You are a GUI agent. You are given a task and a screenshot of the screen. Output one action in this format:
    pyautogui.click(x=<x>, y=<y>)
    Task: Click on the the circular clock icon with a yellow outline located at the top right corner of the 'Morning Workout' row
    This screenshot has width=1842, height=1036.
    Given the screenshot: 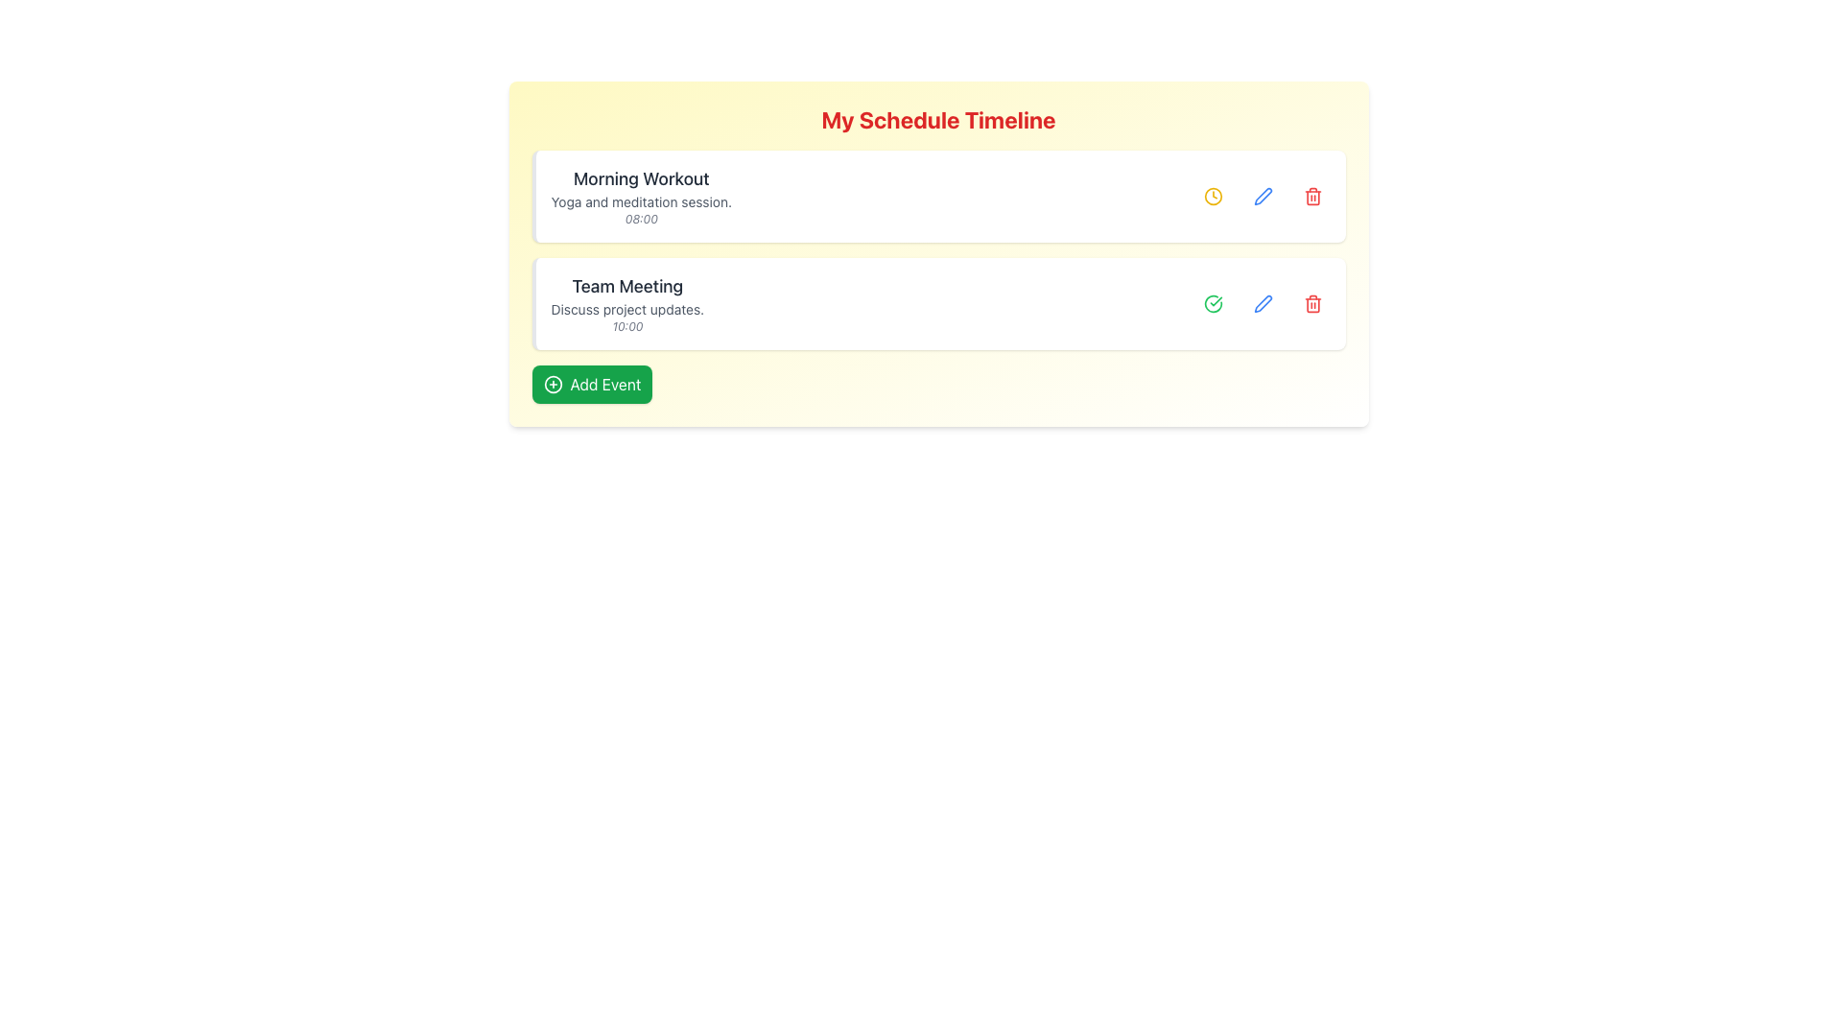 What is the action you would take?
    pyautogui.click(x=1212, y=196)
    